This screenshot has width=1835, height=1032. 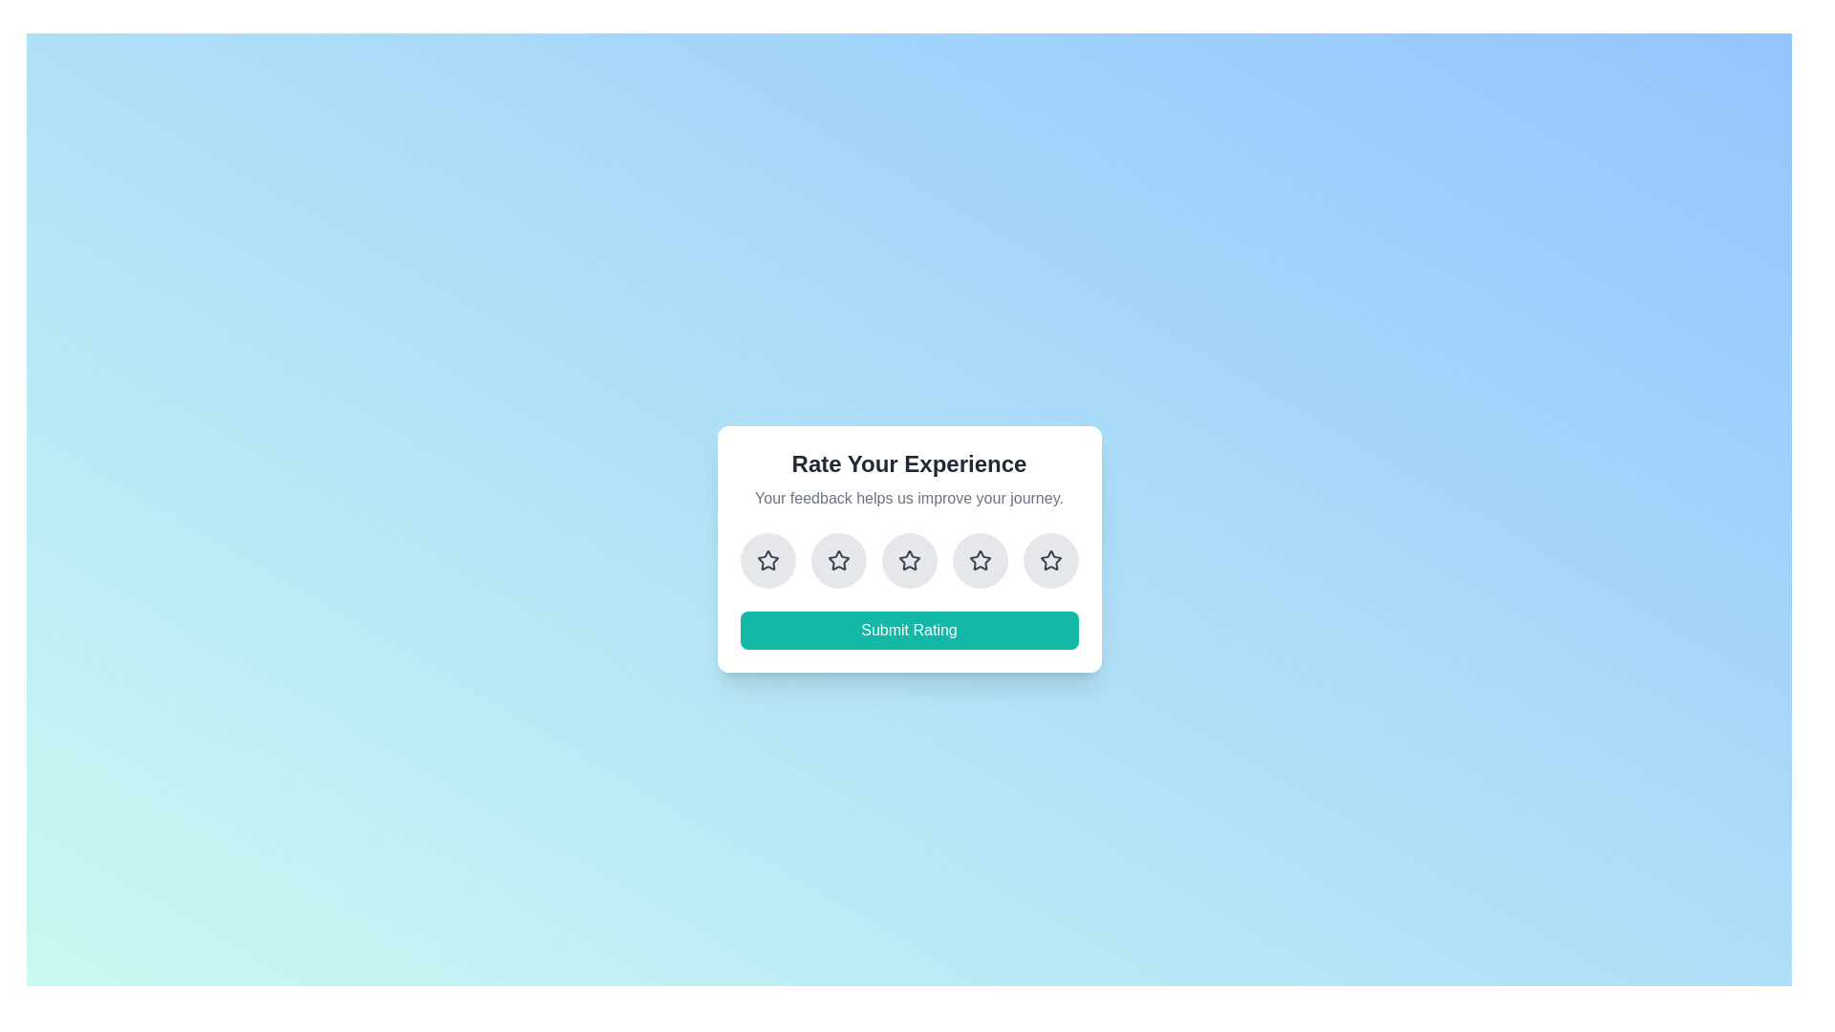 I want to click on the rating button corresponding to 3, so click(x=908, y=559).